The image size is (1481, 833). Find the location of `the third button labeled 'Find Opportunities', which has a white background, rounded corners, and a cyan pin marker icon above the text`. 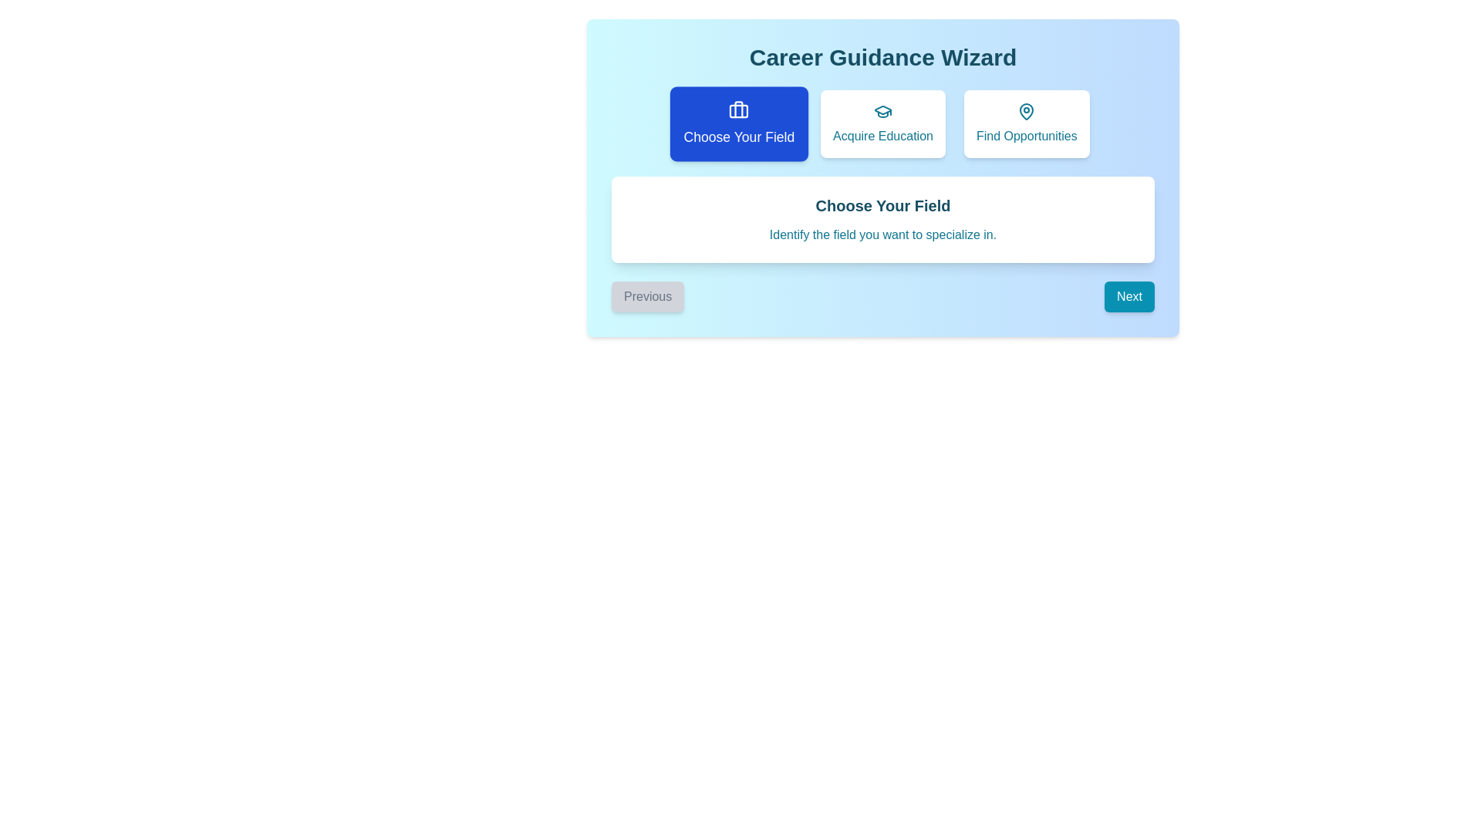

the third button labeled 'Find Opportunities', which has a white background, rounded corners, and a cyan pin marker icon above the text is located at coordinates (1026, 123).